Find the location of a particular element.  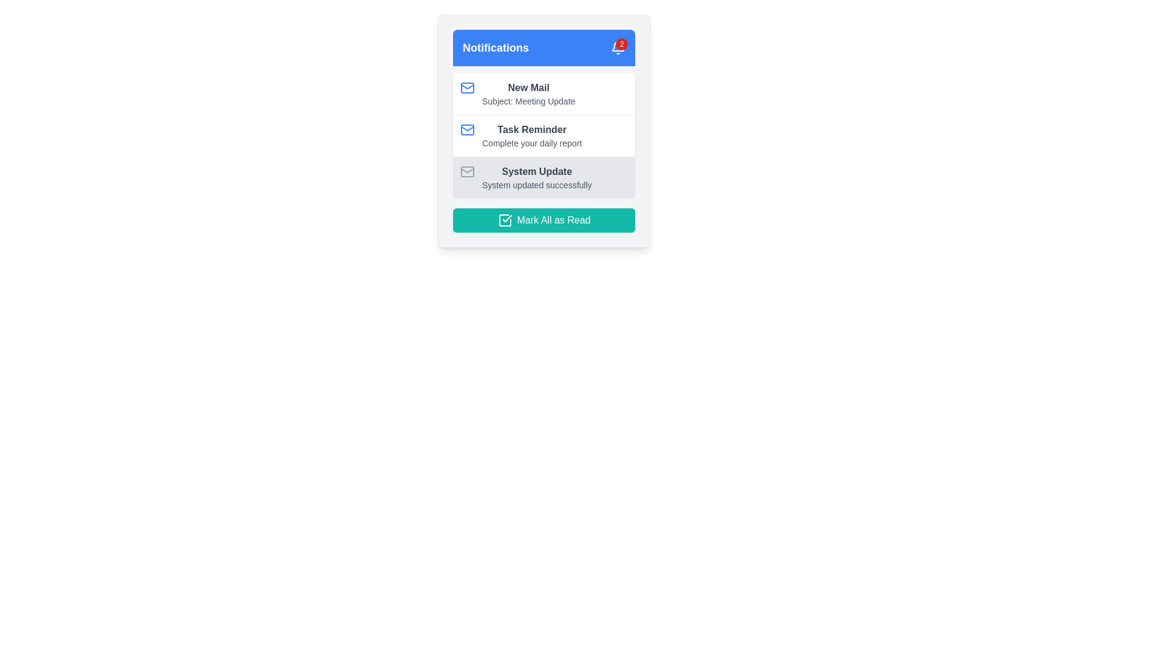

the 'System Update' notification item which contains an envelope icon and reads 'System Update' followed by 'System updated successfully' to read the displayed message is located at coordinates (544, 177).